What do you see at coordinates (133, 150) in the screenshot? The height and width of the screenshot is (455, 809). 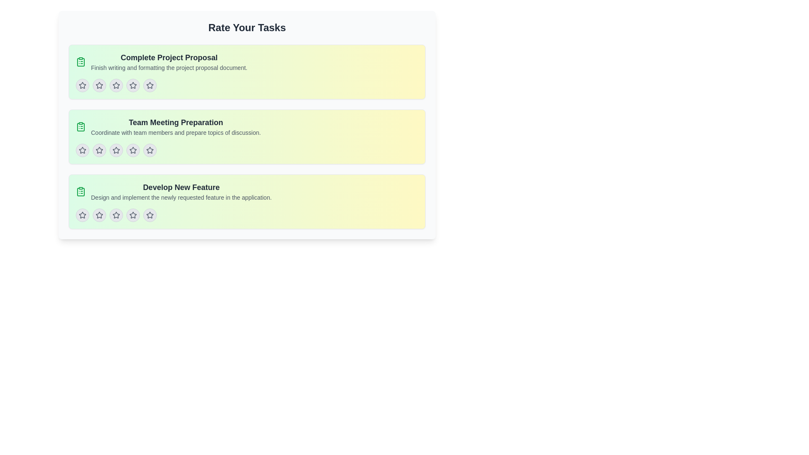 I see `the third star icon in the rating system for 'Team Meeting Preparation'` at bounding box center [133, 150].